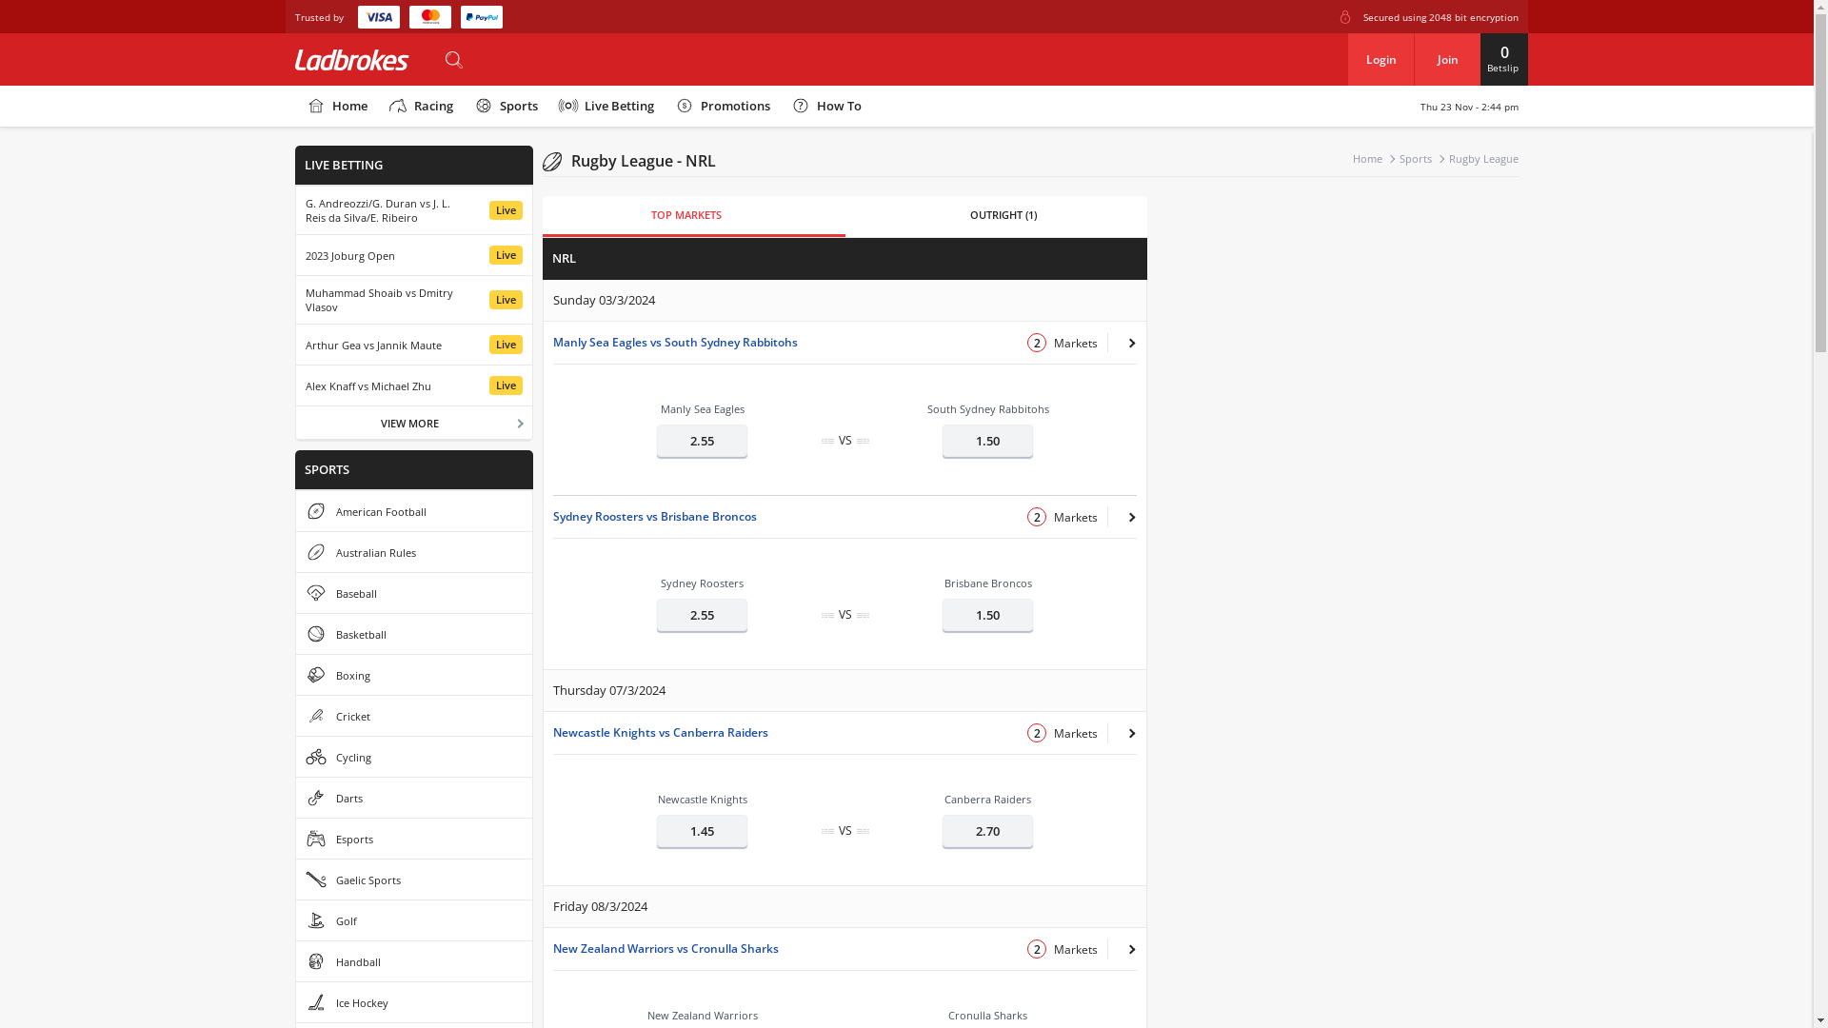  I want to click on 'Promotions', so click(721, 106).